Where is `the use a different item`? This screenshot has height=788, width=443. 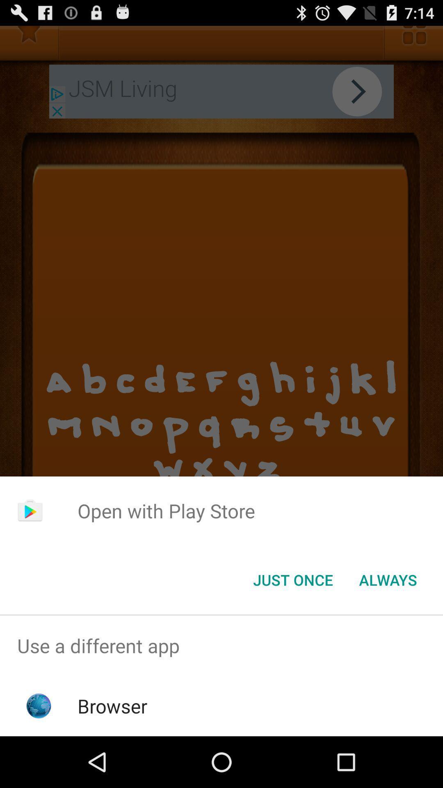 the use a different item is located at coordinates (221, 645).